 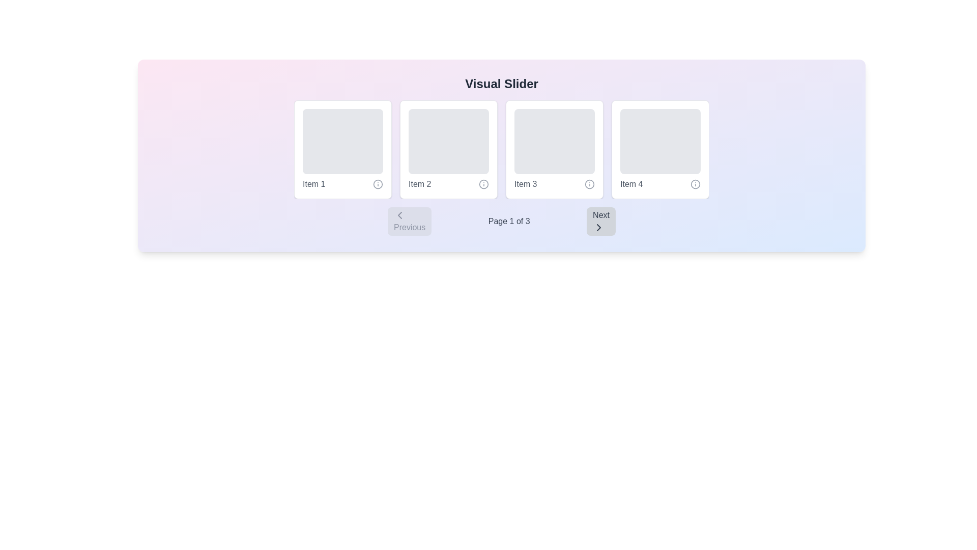 I want to click on the central circle of the 'info' icon associated with 'Item 3', which is styled with a gray stroke and located below the visual slider component, so click(x=589, y=184).